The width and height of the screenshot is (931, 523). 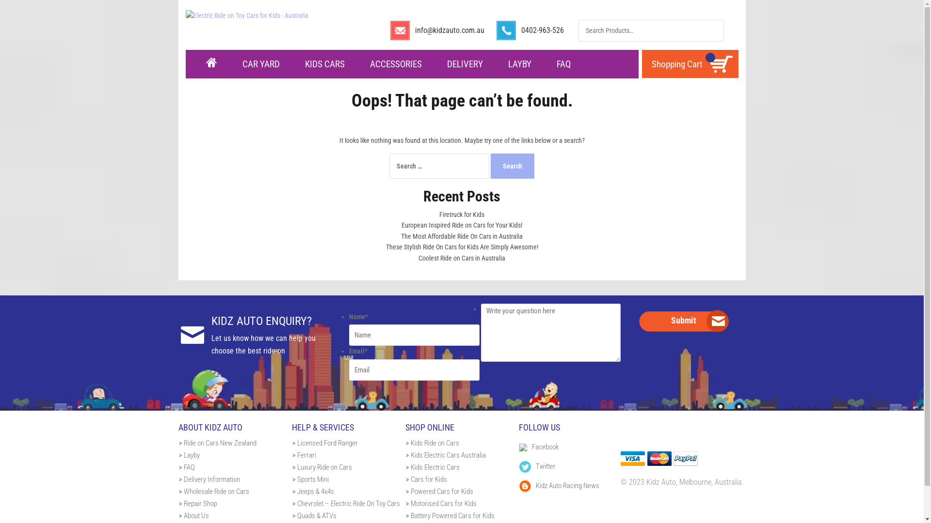 I want to click on 'DELIVERY', so click(x=465, y=64).